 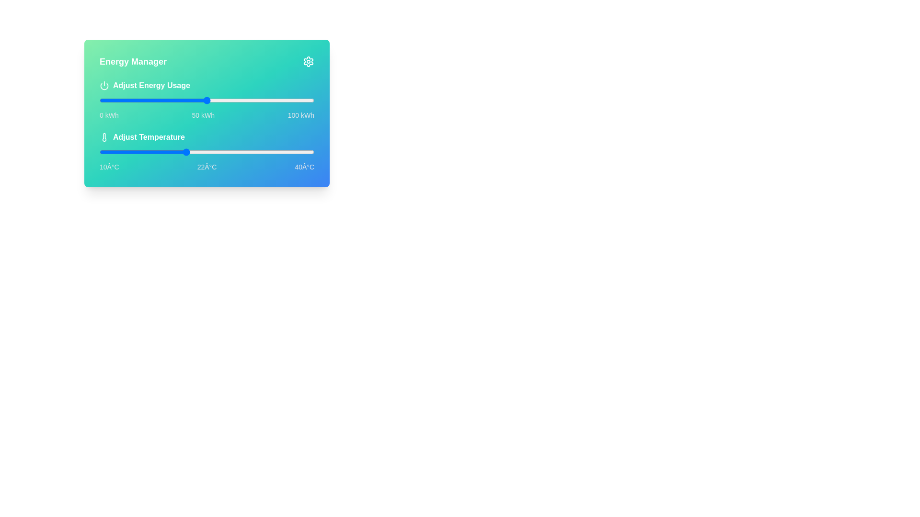 What do you see at coordinates (268, 100) in the screenshot?
I see `the energy usage slider to 79 kWh` at bounding box center [268, 100].